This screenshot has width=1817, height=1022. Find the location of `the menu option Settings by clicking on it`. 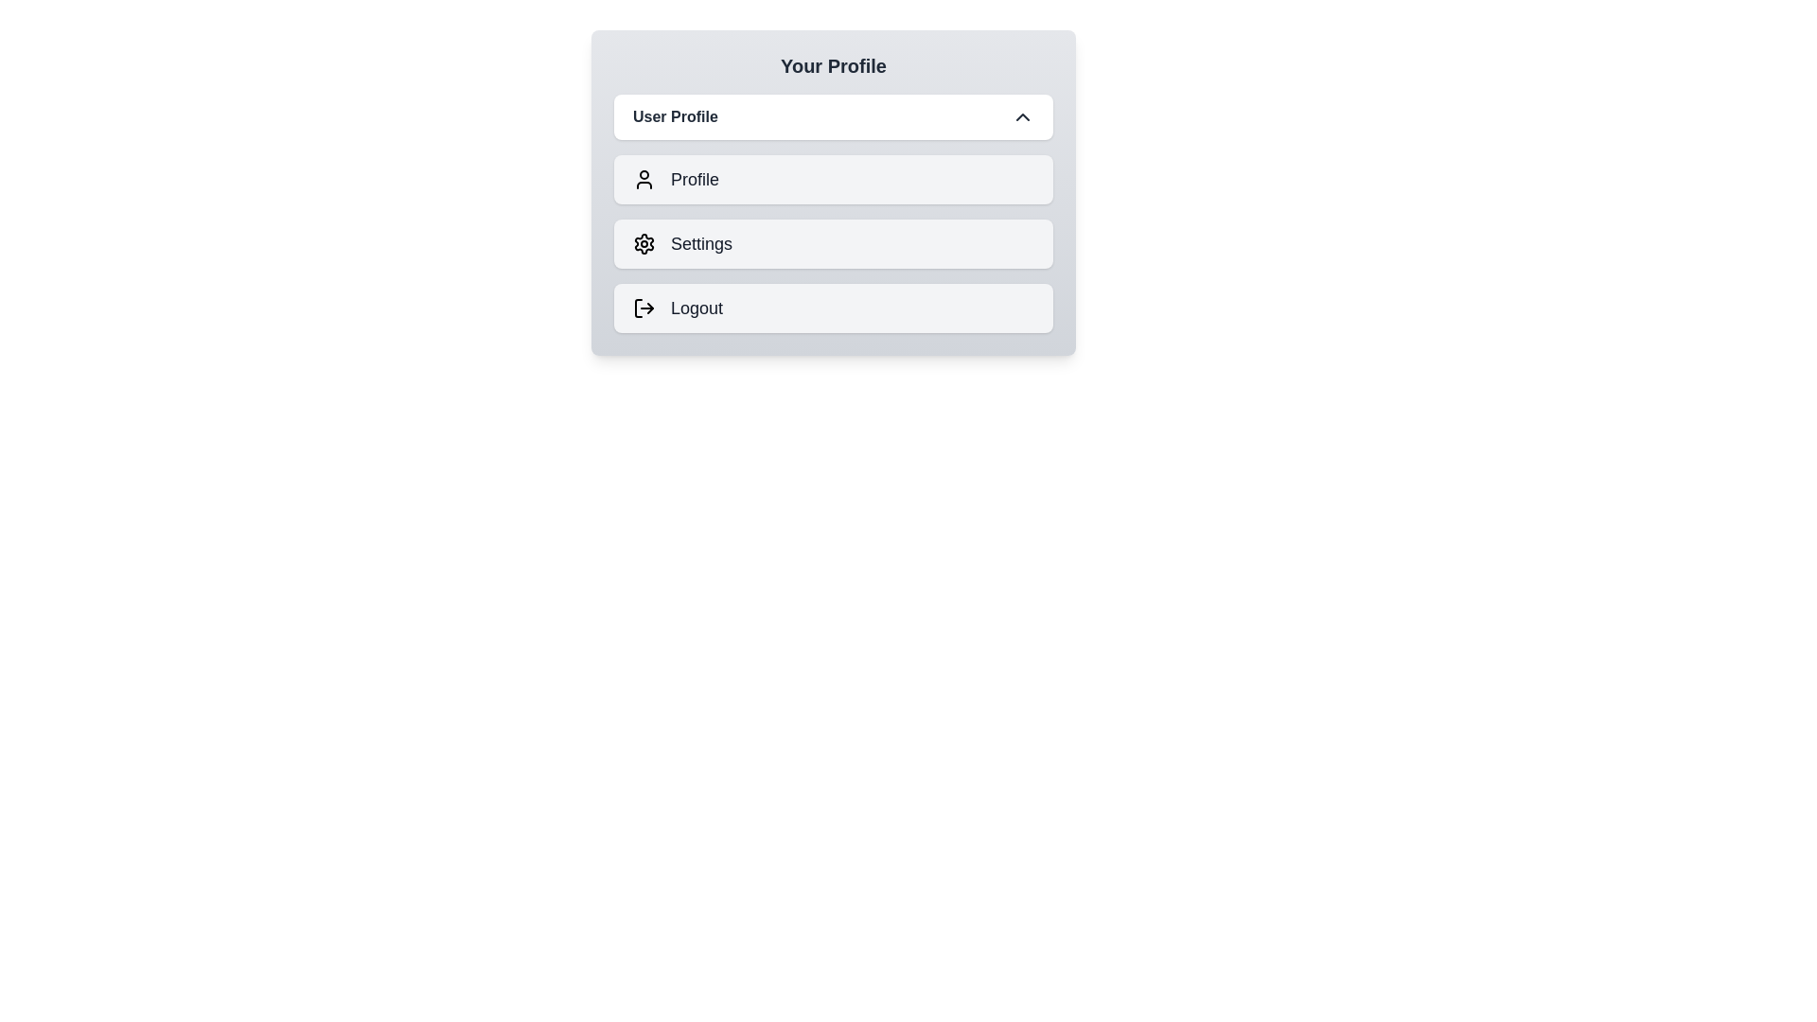

the menu option Settings by clicking on it is located at coordinates (833, 243).